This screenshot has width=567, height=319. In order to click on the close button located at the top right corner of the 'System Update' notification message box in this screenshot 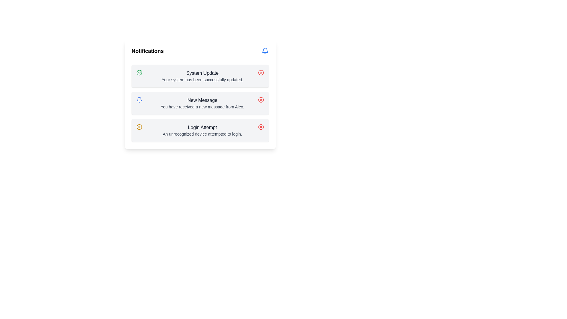, I will do `click(260, 72)`.